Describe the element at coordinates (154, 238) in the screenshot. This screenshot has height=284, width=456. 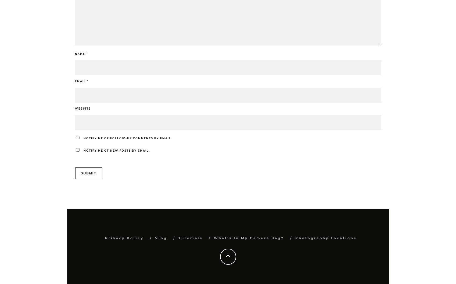
I see `'Vlog'` at that location.